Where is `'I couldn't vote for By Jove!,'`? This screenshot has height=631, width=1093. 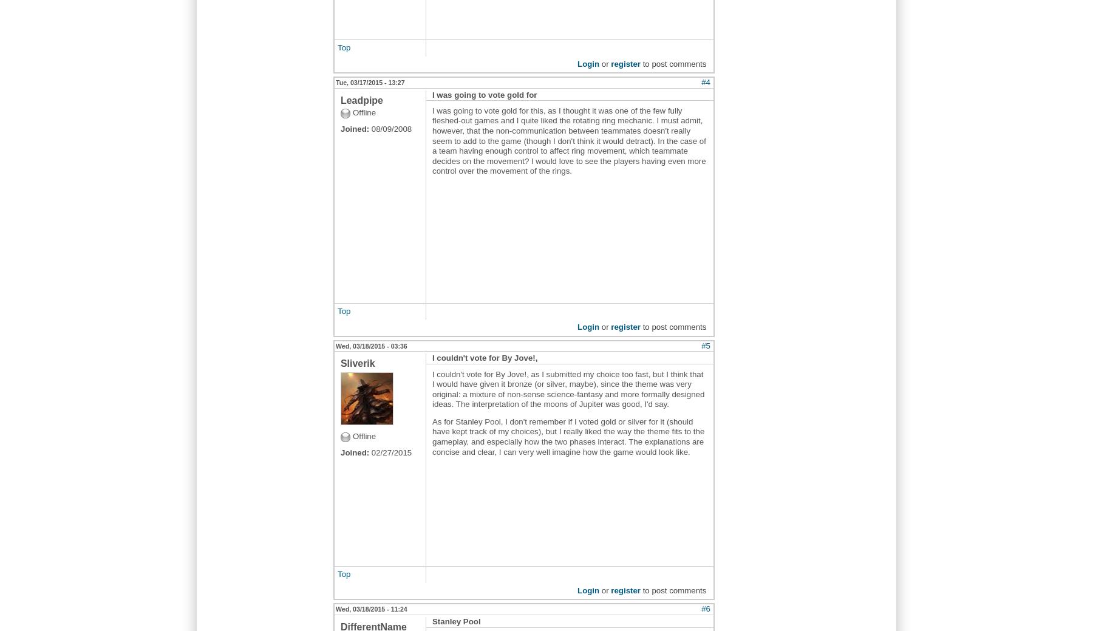
'I couldn't vote for By Jove!,' is located at coordinates (485, 358).